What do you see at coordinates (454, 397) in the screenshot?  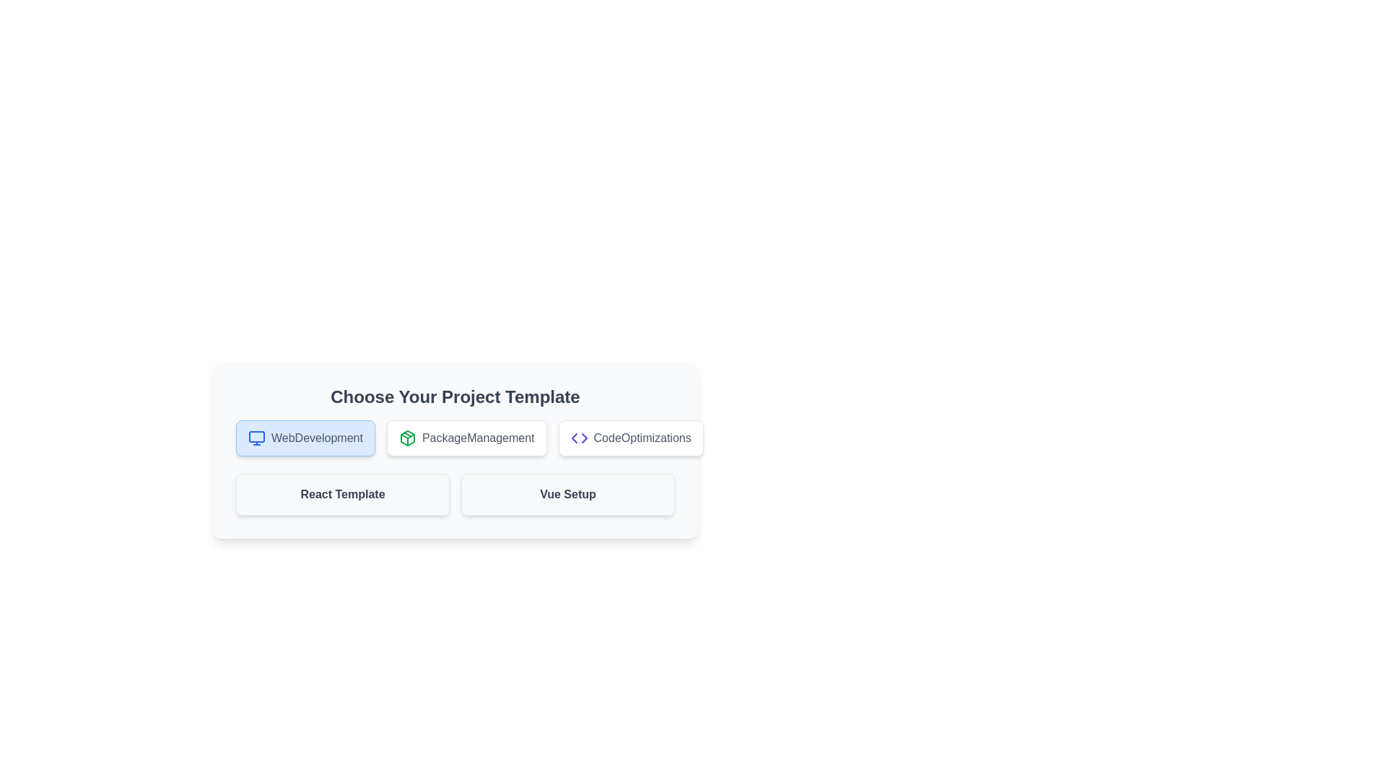 I see `the section header text label that reads 'Choose Your Project Template', which is displayed in bold, extra-large dark gray text at the top of a card-like section containing project template options` at bounding box center [454, 397].